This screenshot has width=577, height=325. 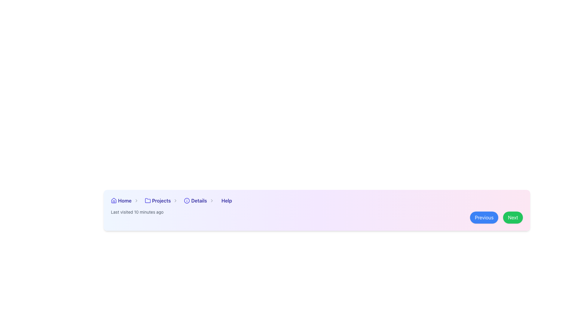 I want to click on the second button in the horizontal arrangement located towards the right side of the footer section, which is immediately to the right of the blue 'Previous' button, so click(x=513, y=217).